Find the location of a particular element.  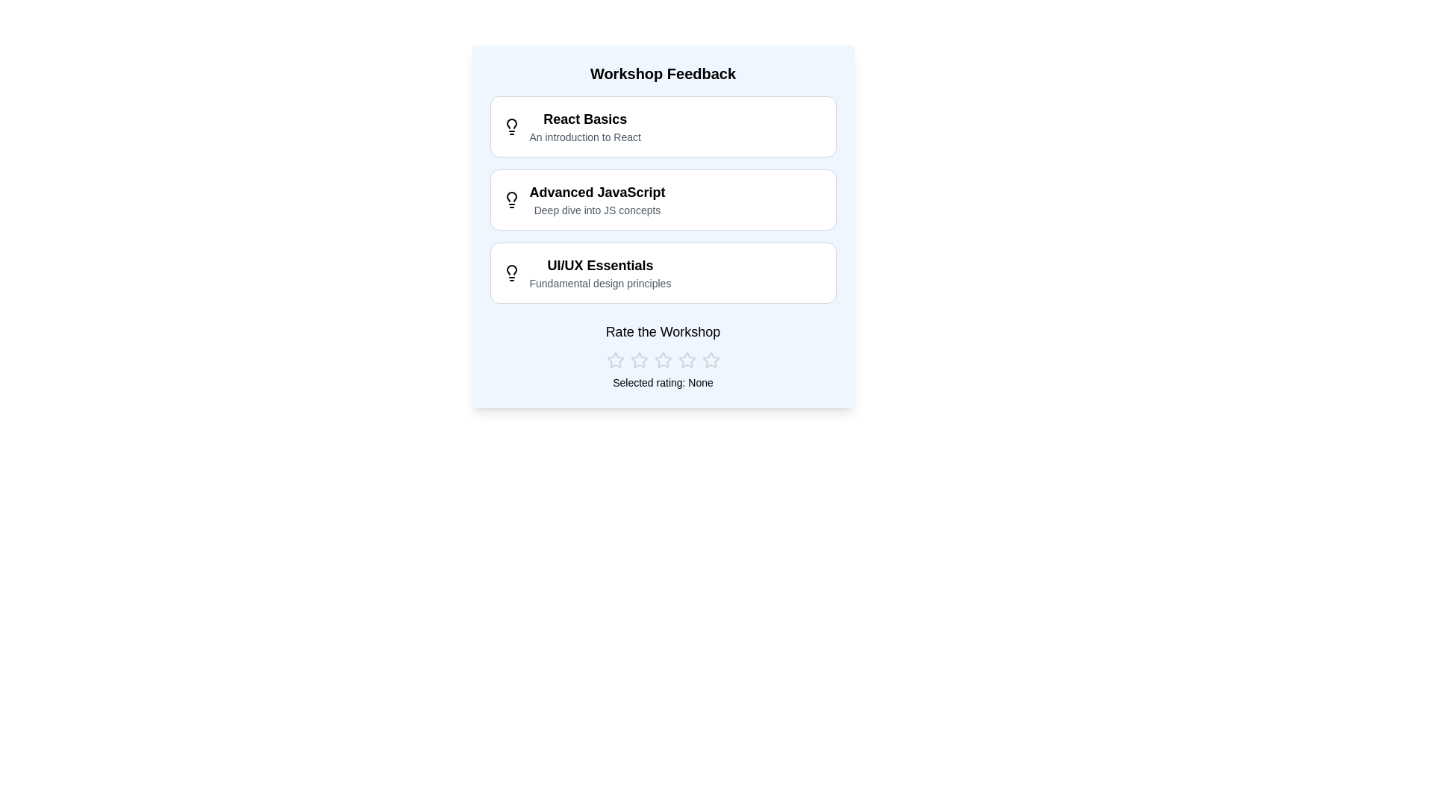

the lightbulb icon located to the left of the text 'UI/UX Essentials' in the third list item of the 'Workshop Feedback' panel is located at coordinates (511, 273).